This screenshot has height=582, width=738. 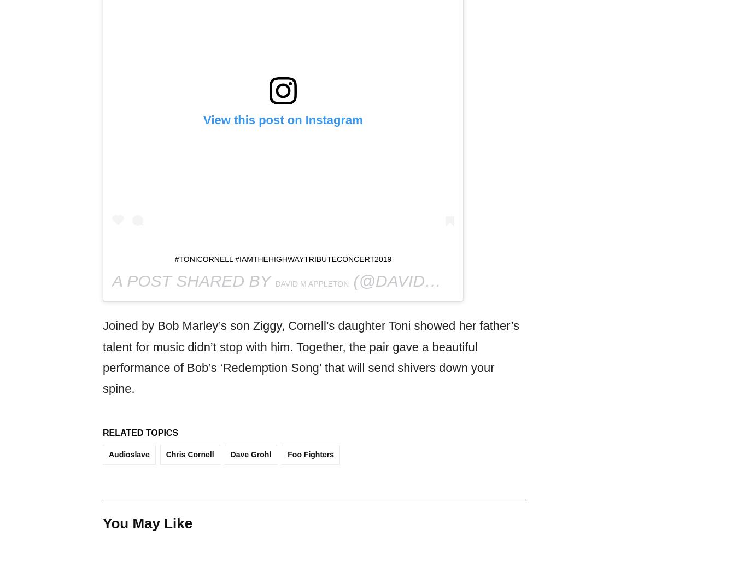 I want to click on 'You May Like', so click(x=147, y=523).